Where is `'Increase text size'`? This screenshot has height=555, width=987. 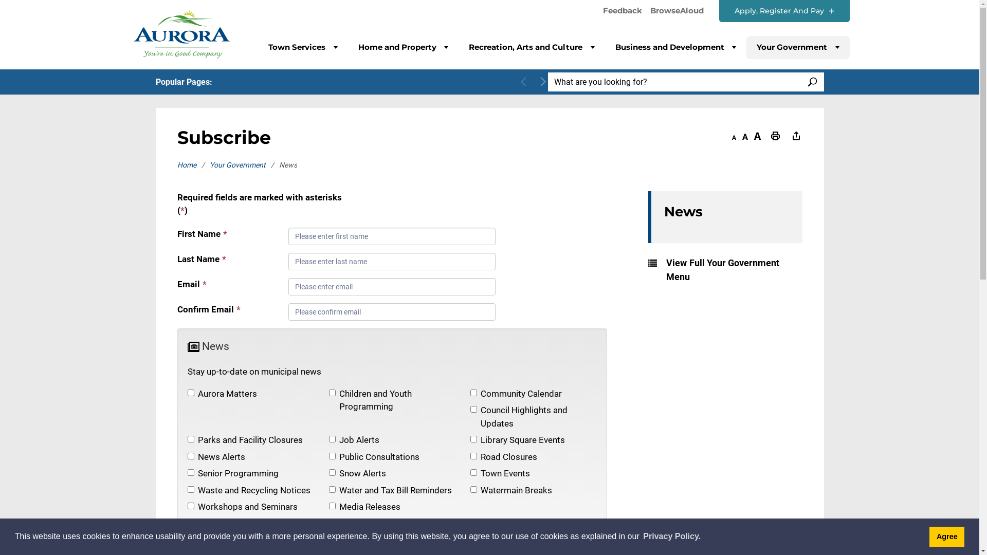
'Increase text size' is located at coordinates (753, 136).